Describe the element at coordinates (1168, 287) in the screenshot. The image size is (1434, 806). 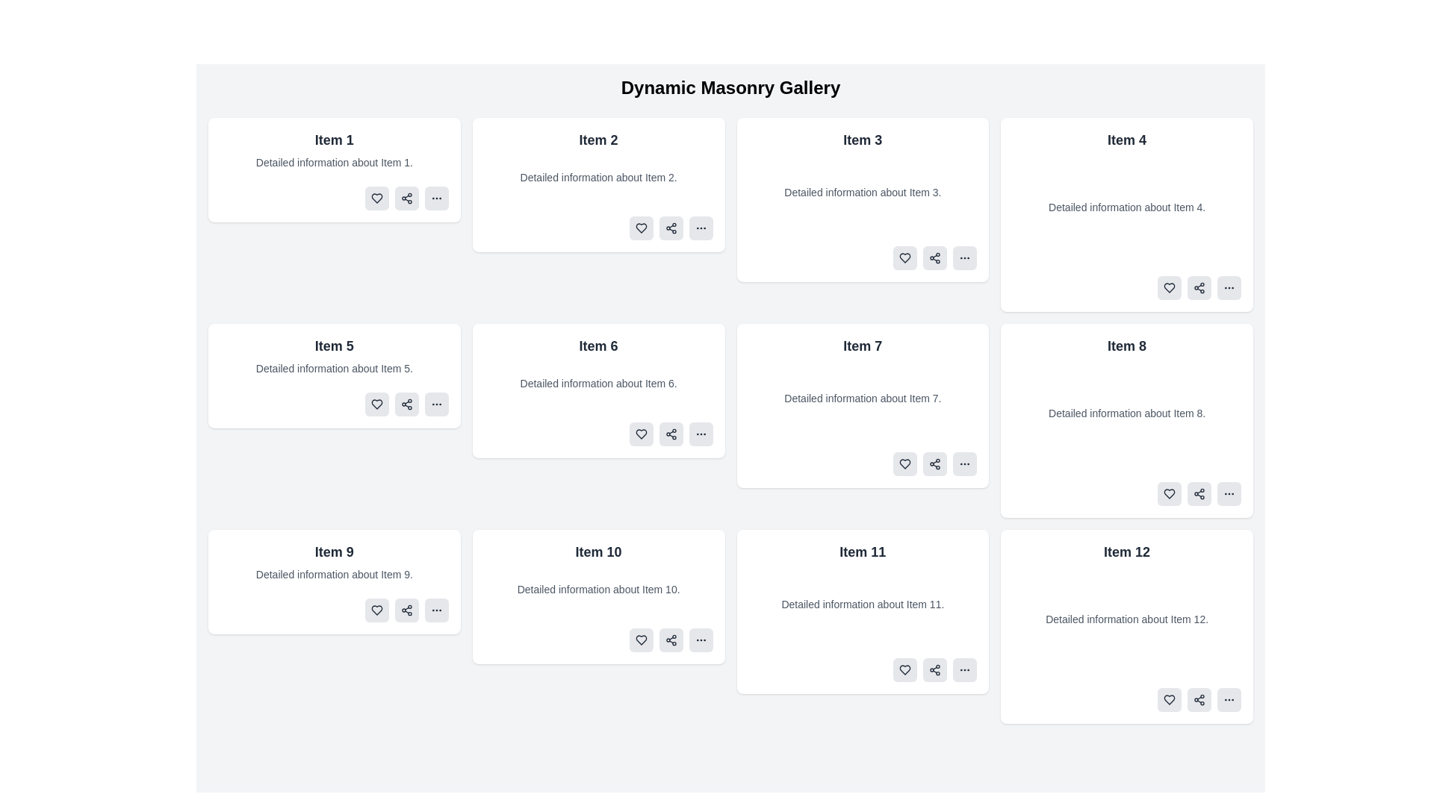
I see `the heart-shaped vector graphic icon located in the bottom-left corner of the 'Item 4' card to like or favorite the content` at that location.